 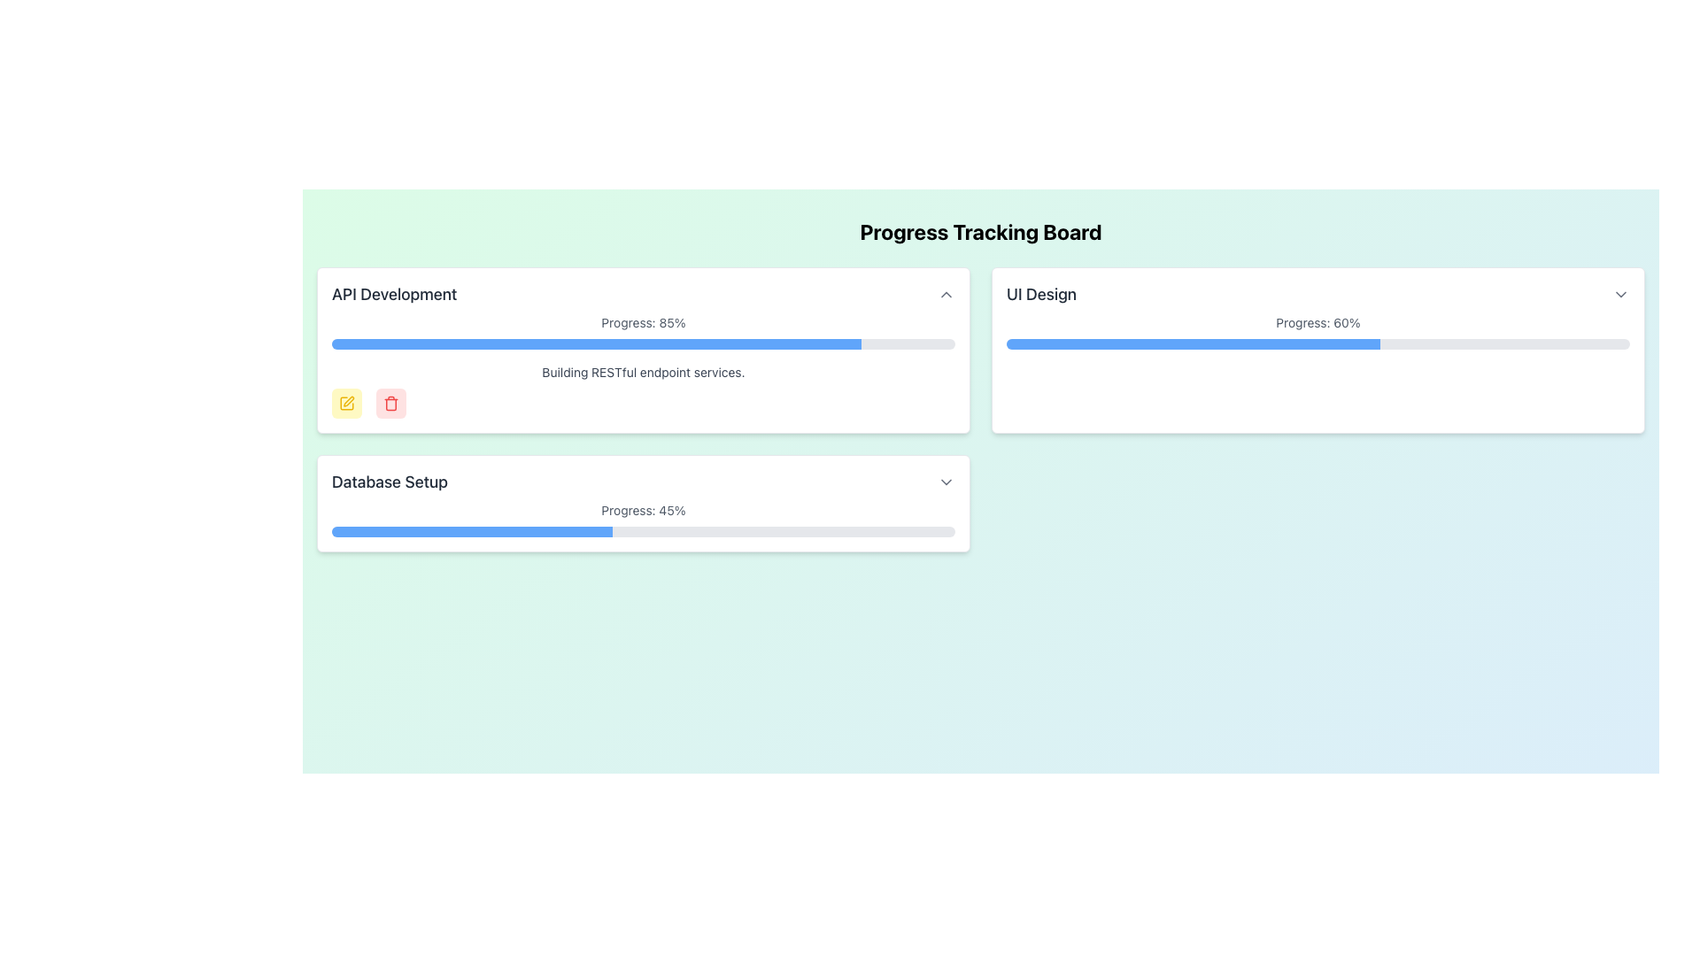 What do you see at coordinates (642, 371) in the screenshot?
I see `the text label that describes the current task or focus of the 'API Development' section, located between the blue progress bar and two interactive buttons` at bounding box center [642, 371].